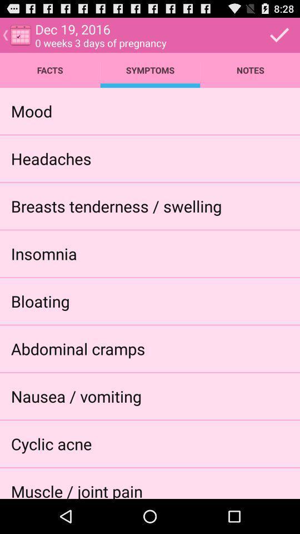  What do you see at coordinates (43, 253) in the screenshot?
I see `the item above bloating` at bounding box center [43, 253].